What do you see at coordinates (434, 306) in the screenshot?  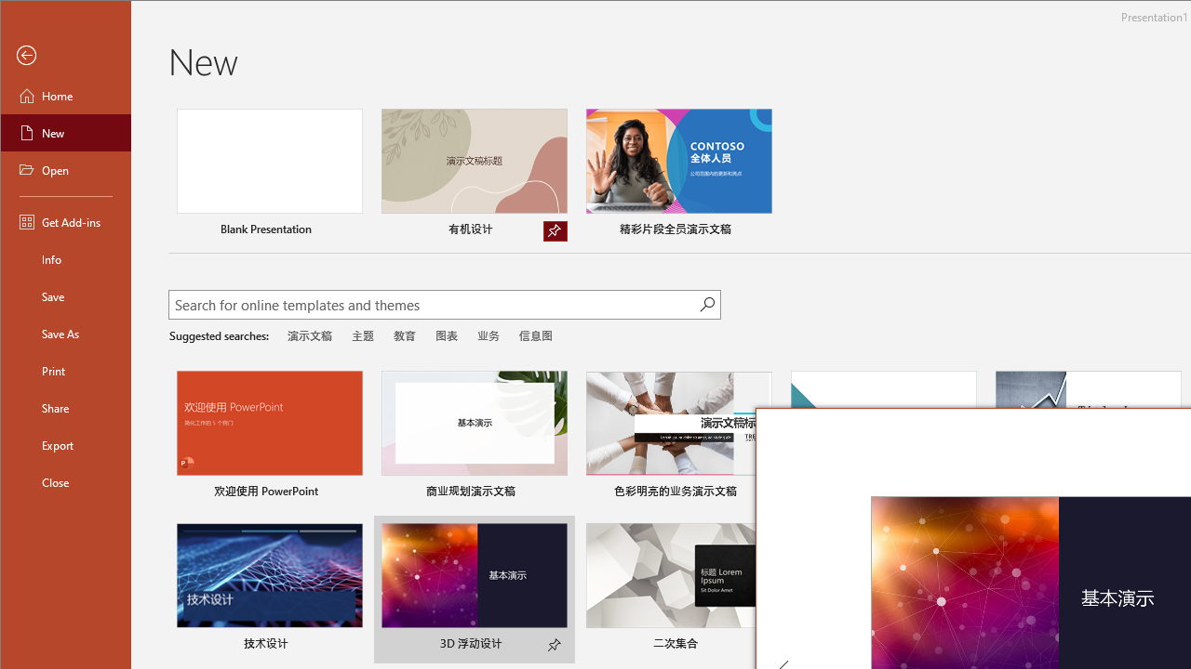 I see `'Search for online templates and themes'` at bounding box center [434, 306].